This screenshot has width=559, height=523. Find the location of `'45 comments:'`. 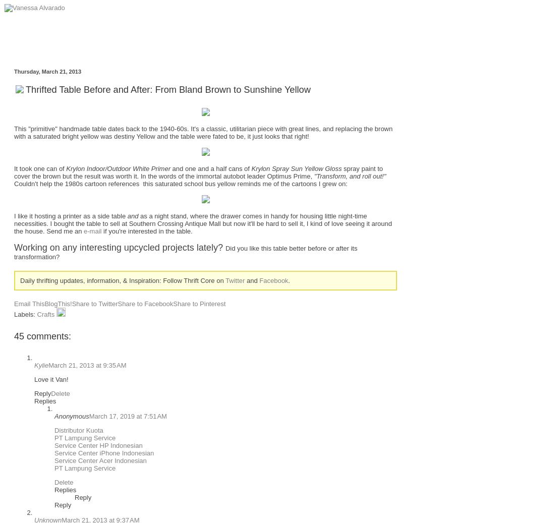

'45 comments:' is located at coordinates (42, 336).